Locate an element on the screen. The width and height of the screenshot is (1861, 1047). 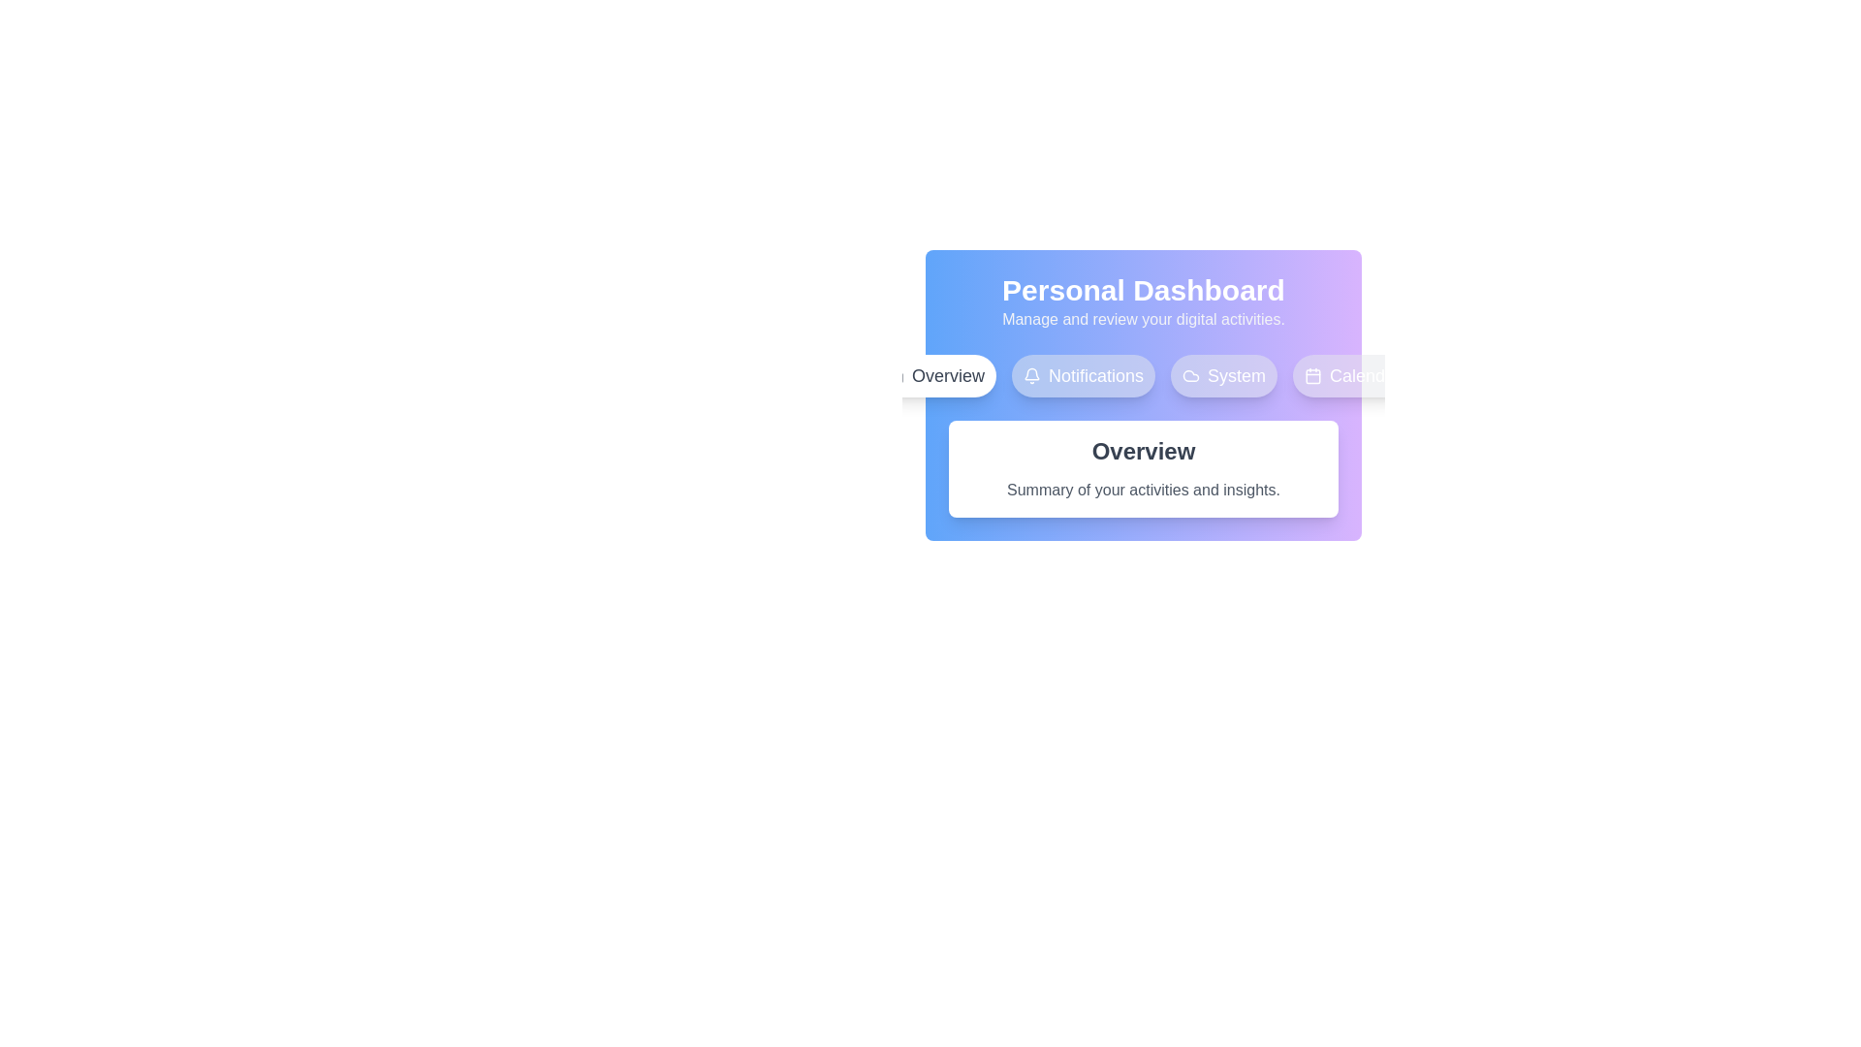
the tab labeled System is located at coordinates (1222, 376).